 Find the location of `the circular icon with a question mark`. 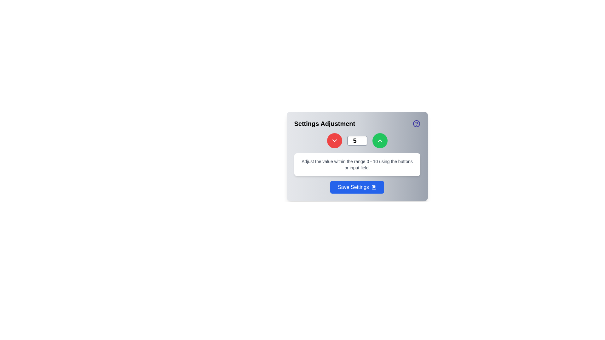

the circular icon with a question mark is located at coordinates (416, 124).